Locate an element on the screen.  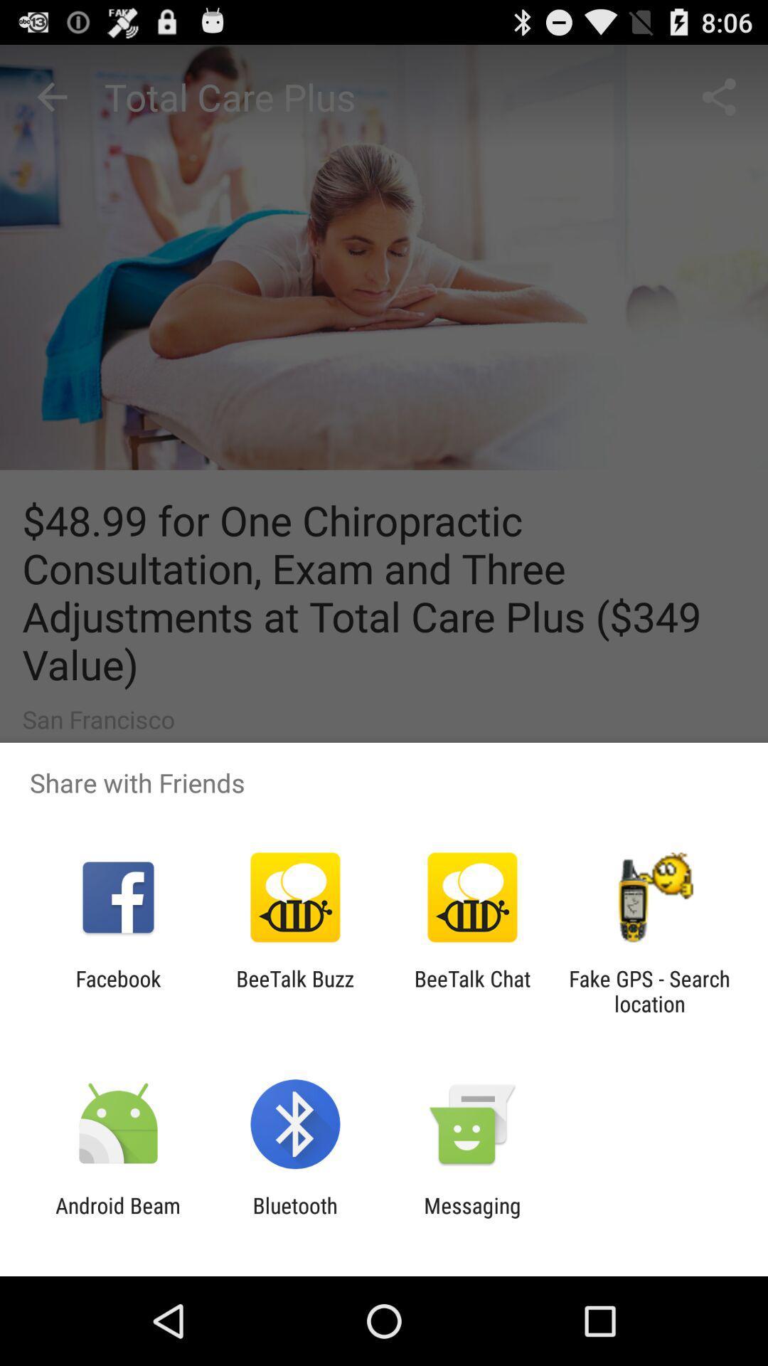
app to the left of messaging is located at coordinates (294, 1217).